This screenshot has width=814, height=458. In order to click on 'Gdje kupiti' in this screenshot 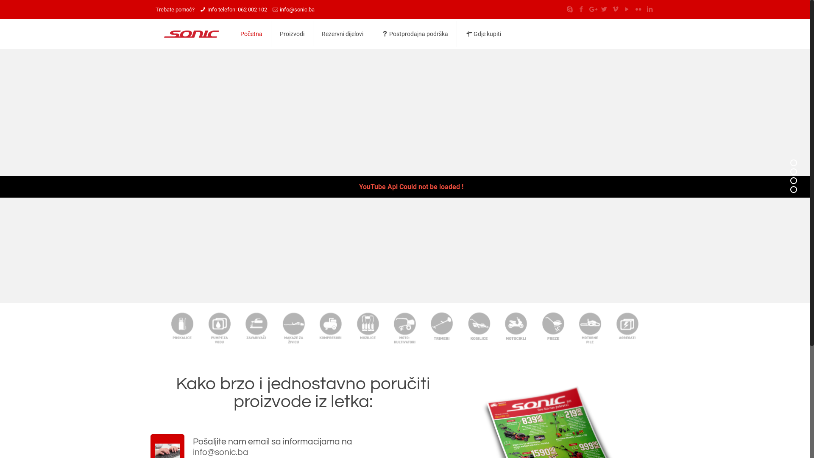, I will do `click(483, 34)`.